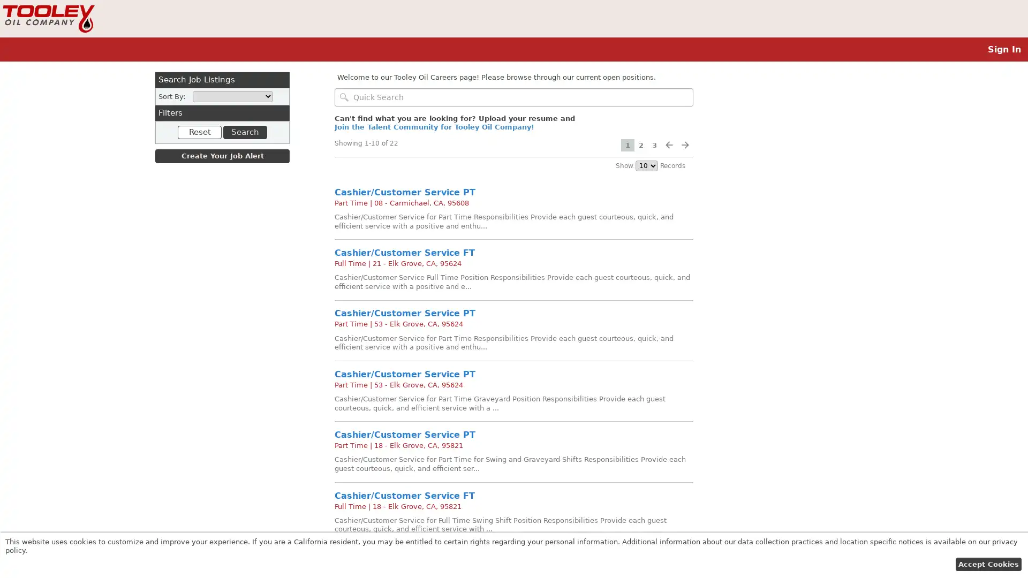 The width and height of the screenshot is (1028, 578). What do you see at coordinates (200, 131) in the screenshot?
I see `Reset` at bounding box center [200, 131].